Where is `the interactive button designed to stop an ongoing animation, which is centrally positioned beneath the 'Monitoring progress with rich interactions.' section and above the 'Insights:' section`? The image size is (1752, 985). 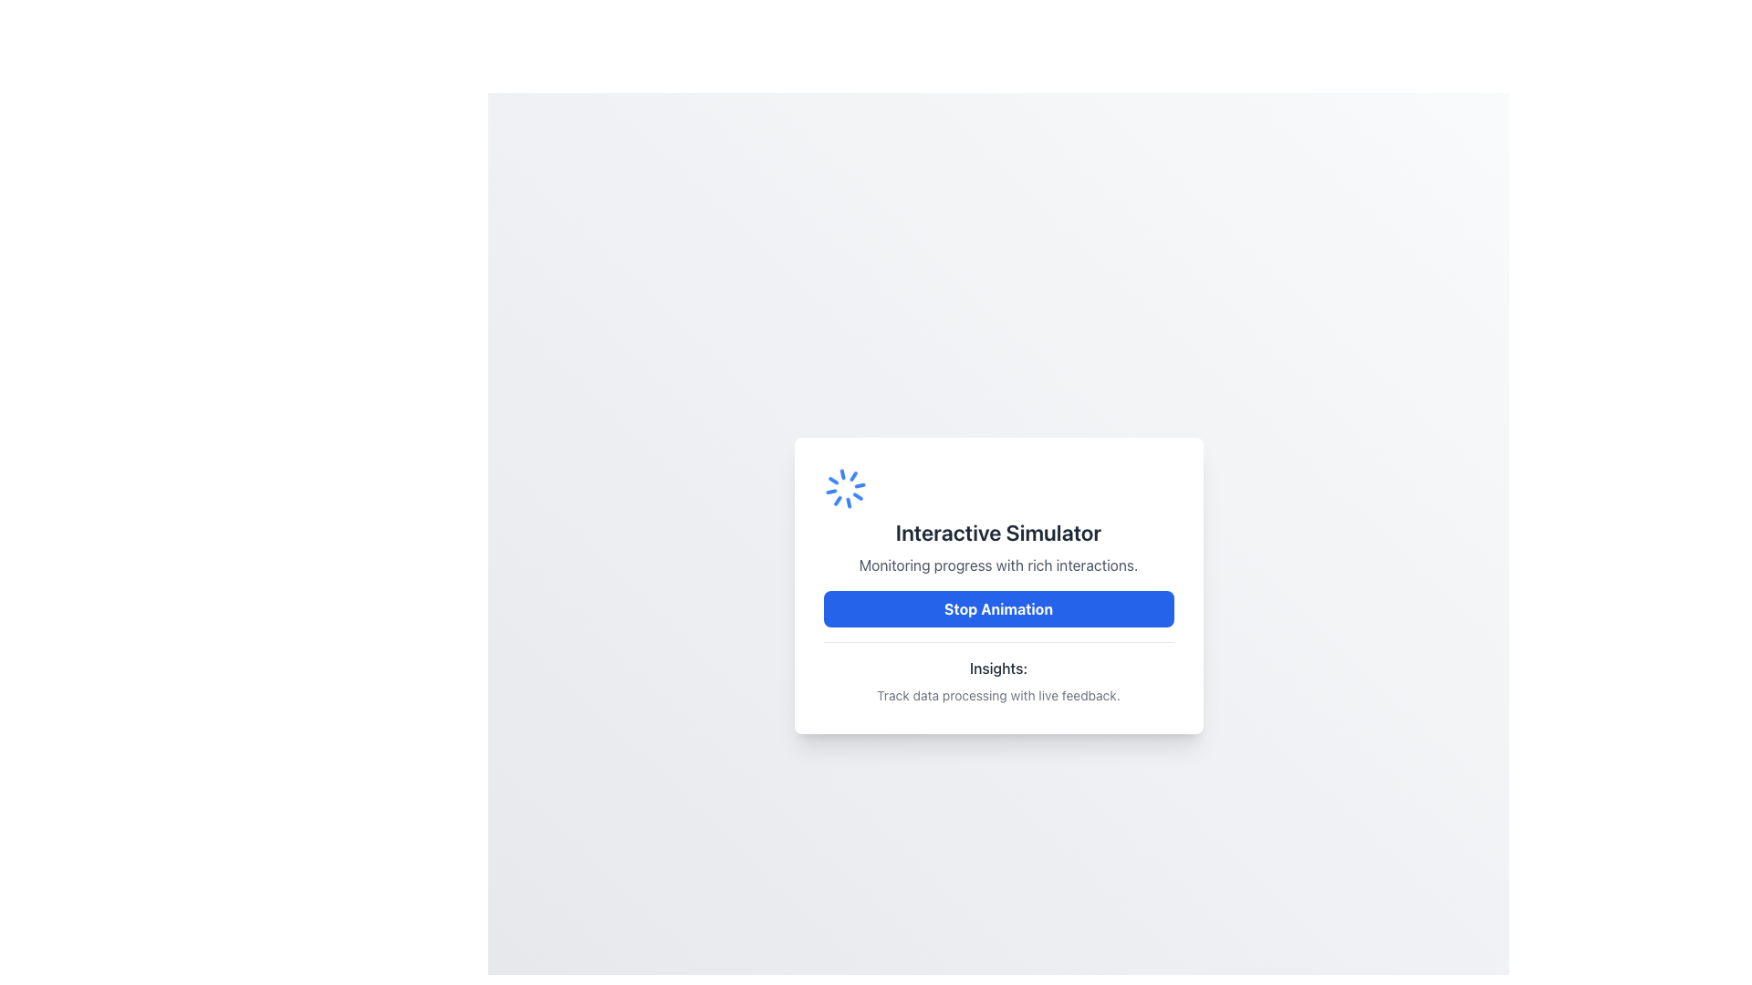 the interactive button designed to stop an ongoing animation, which is centrally positioned beneath the 'Monitoring progress with rich interactions.' section and above the 'Insights:' section is located at coordinates (997, 608).